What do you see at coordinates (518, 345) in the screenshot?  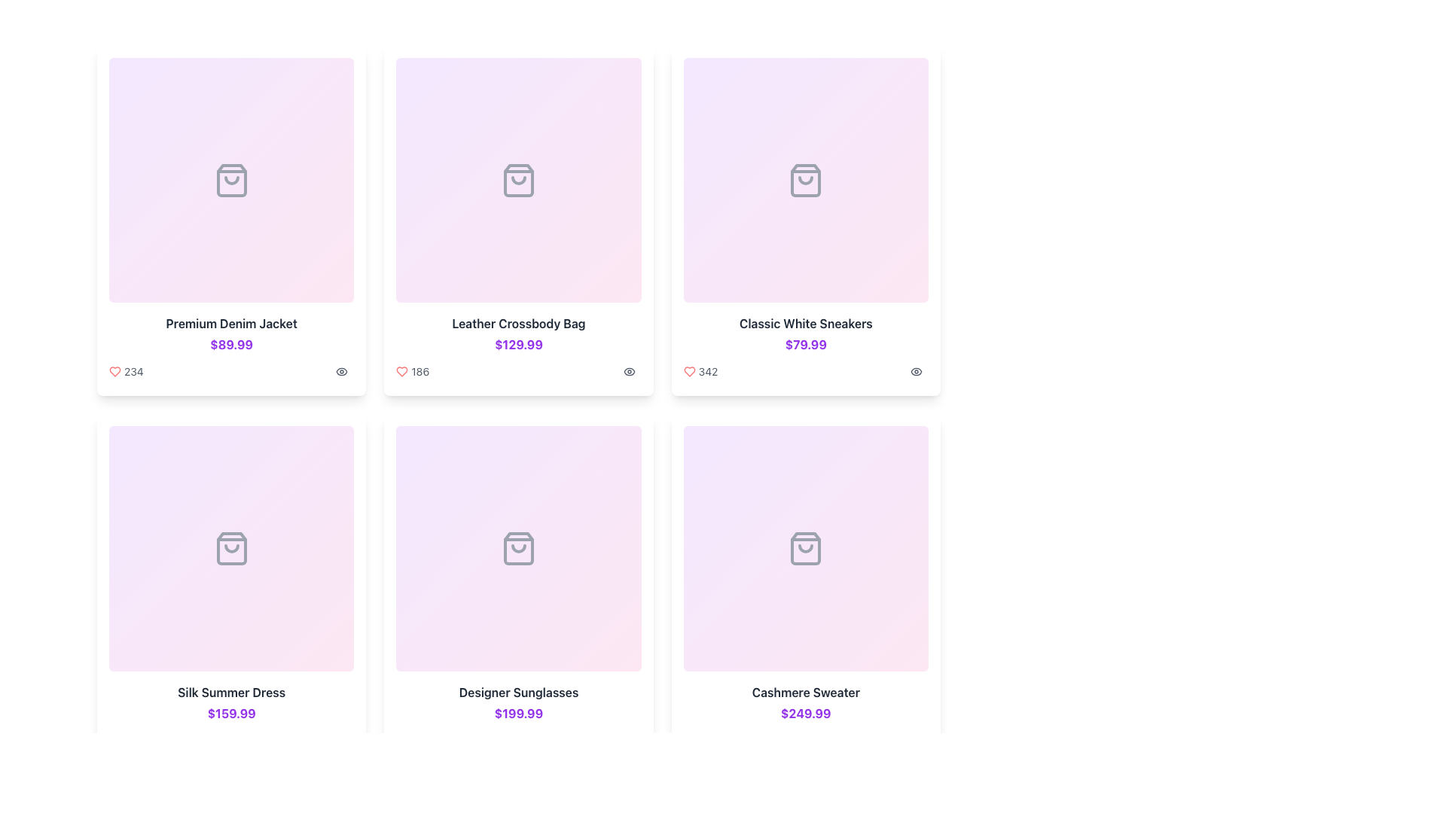 I see `the price label displaying '$129.99' in bold, purple text, located below the product title 'Leather Crossbody Bag'` at bounding box center [518, 345].